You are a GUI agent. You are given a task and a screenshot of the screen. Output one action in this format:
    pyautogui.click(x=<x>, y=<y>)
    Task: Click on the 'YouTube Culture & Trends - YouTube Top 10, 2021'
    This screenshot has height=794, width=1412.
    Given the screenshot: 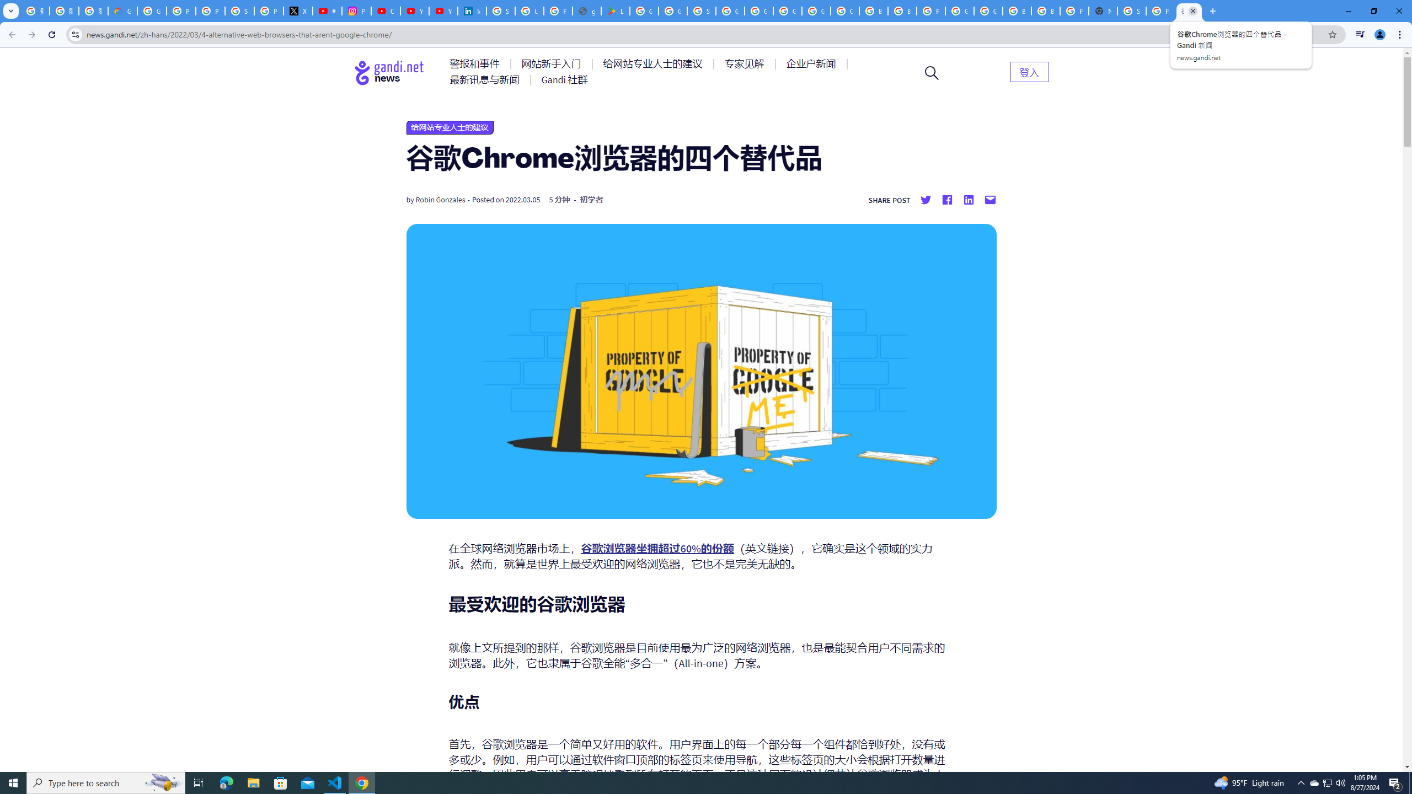 What is the action you would take?
    pyautogui.click(x=443, y=10)
    